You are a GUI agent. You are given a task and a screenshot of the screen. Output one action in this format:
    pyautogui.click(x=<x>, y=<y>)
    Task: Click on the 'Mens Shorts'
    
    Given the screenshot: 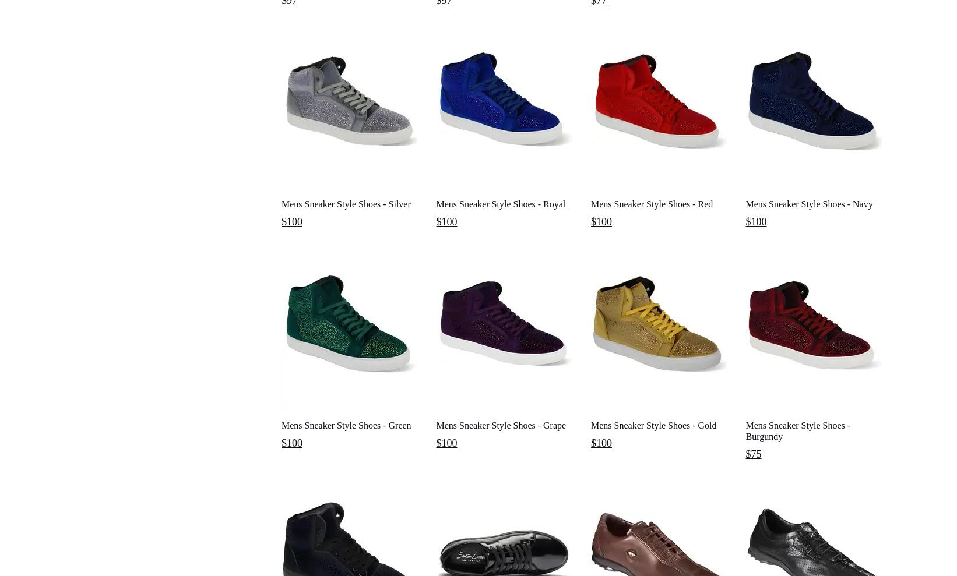 What is the action you would take?
    pyautogui.click(x=716, y=15)
    